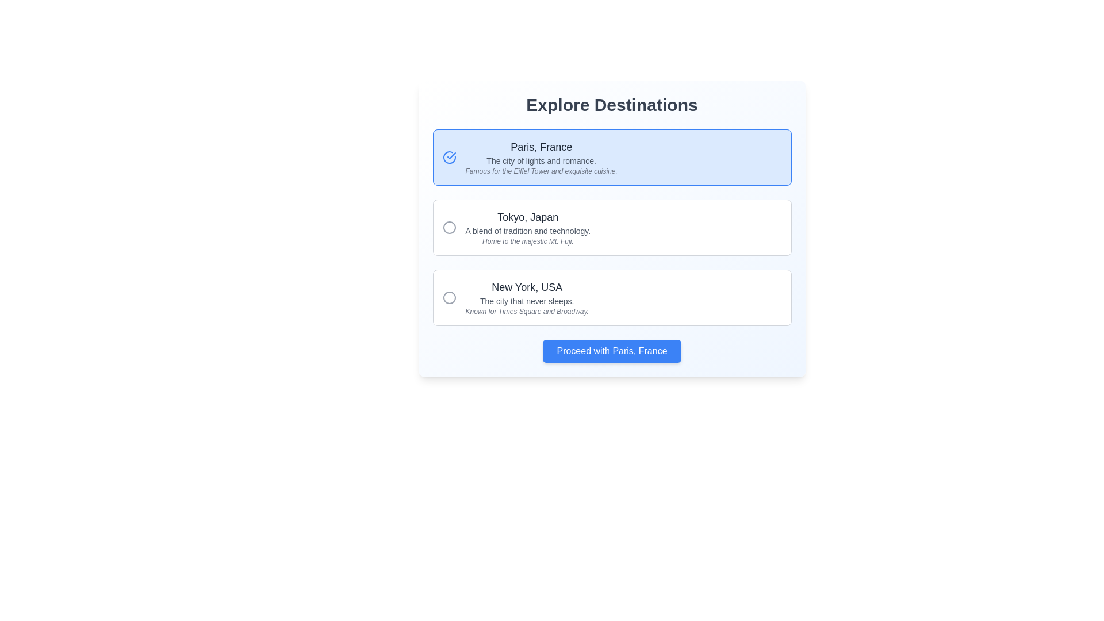 This screenshot has height=621, width=1104. I want to click on the selectable list item representing the destination 'Tokyo, Japan', so click(611, 228).